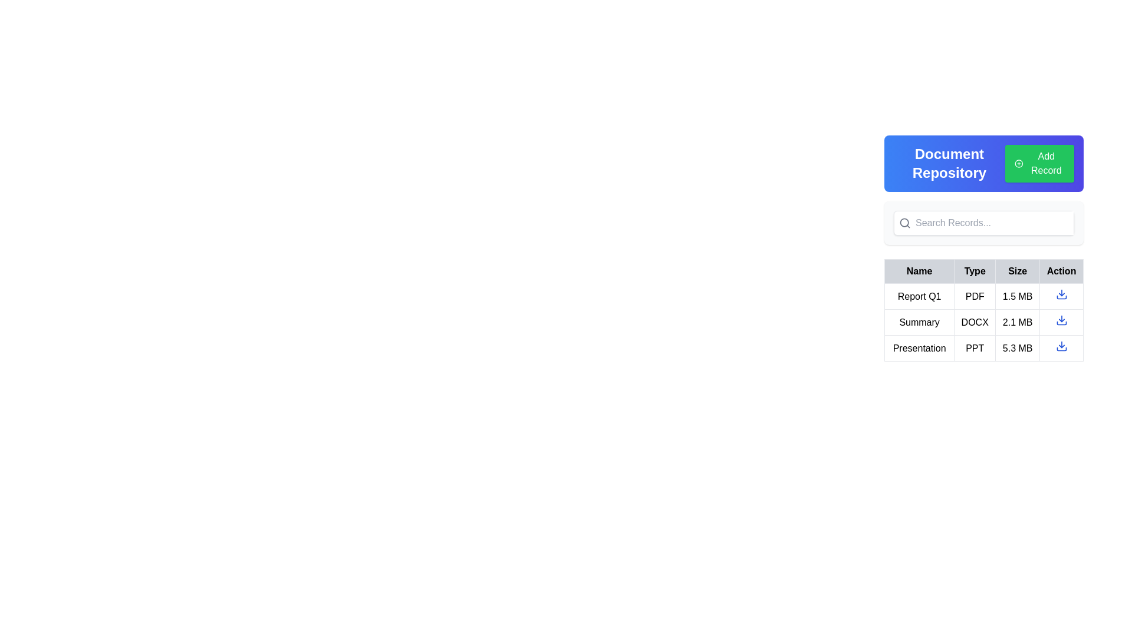 The height and width of the screenshot is (636, 1132). Describe the element at coordinates (975, 296) in the screenshot. I see `the static text label indicating the file format associated with the document in the 'Type' column of the first row in the table` at that location.